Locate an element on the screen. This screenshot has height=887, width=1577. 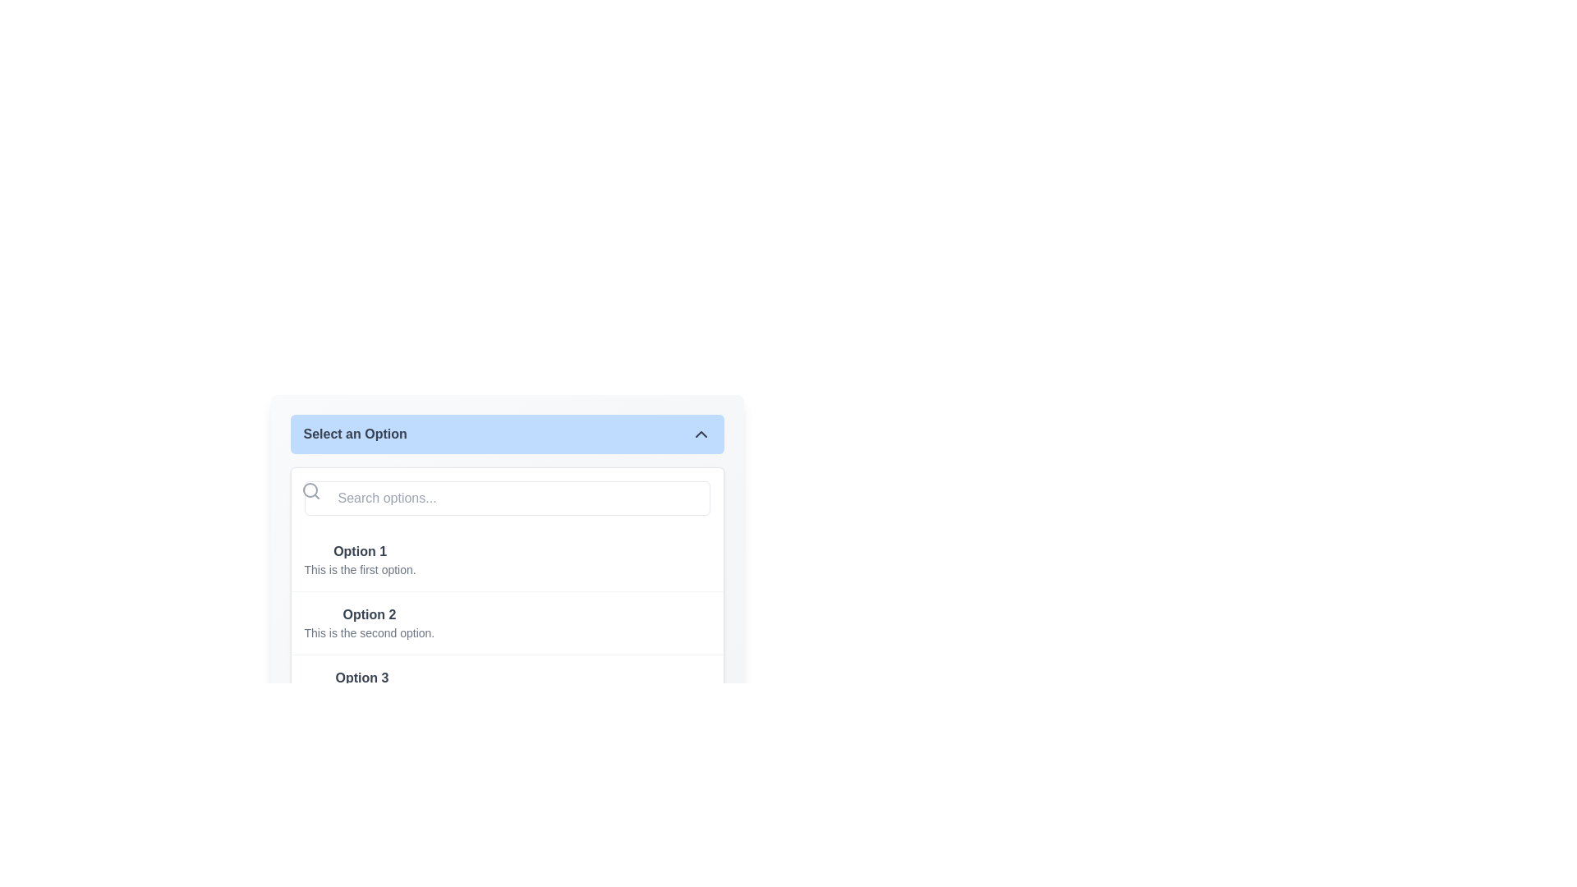
the list item that contains the title 'Option 3' and the description 'This is the third option.' is located at coordinates (506, 686).